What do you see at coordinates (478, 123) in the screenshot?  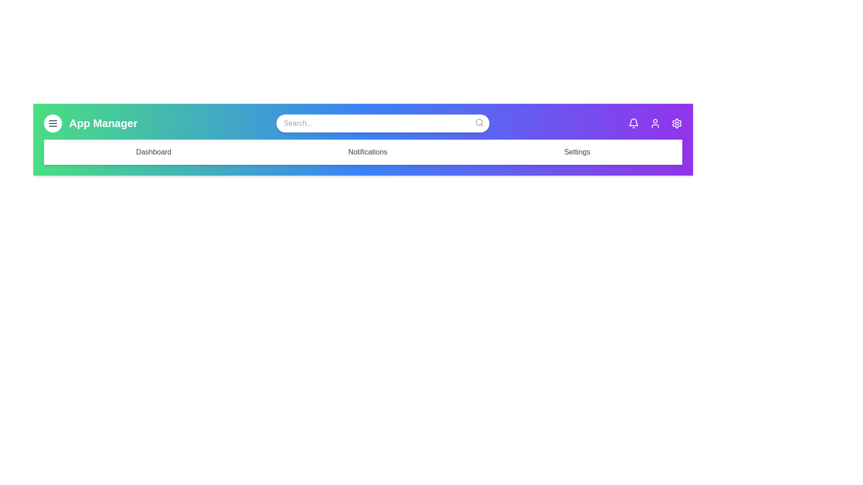 I see `the search icon to initiate a search` at bounding box center [478, 123].